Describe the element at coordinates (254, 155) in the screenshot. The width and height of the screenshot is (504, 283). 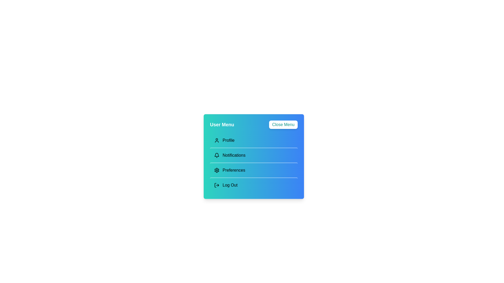
I see `the menu option Notifications by clicking on its corresponding area` at that location.